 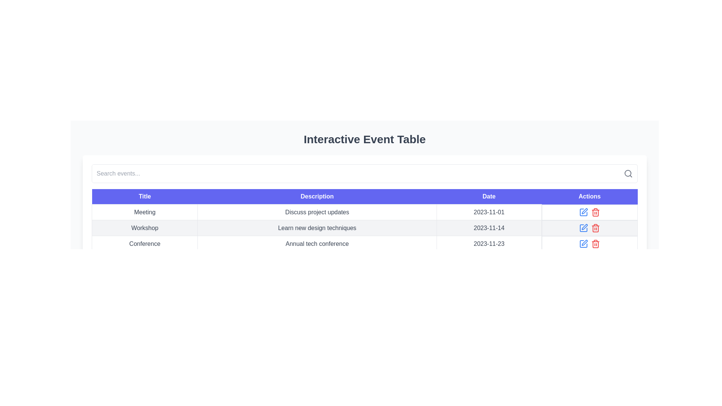 What do you see at coordinates (589, 212) in the screenshot?
I see `the edit icon in the 'Actions' column of the first row to initiate the edit action for the 'Meeting' item` at bounding box center [589, 212].